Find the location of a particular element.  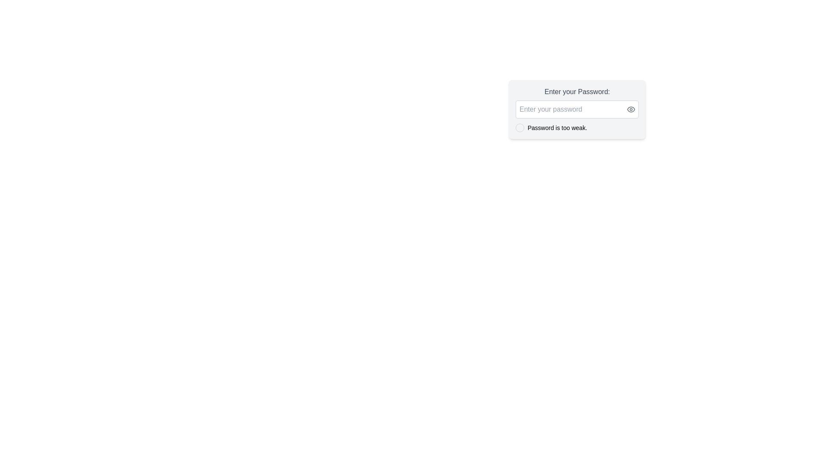

the Password input field located beneath the 'Enter your Password:' text to focus on it is located at coordinates (577, 109).